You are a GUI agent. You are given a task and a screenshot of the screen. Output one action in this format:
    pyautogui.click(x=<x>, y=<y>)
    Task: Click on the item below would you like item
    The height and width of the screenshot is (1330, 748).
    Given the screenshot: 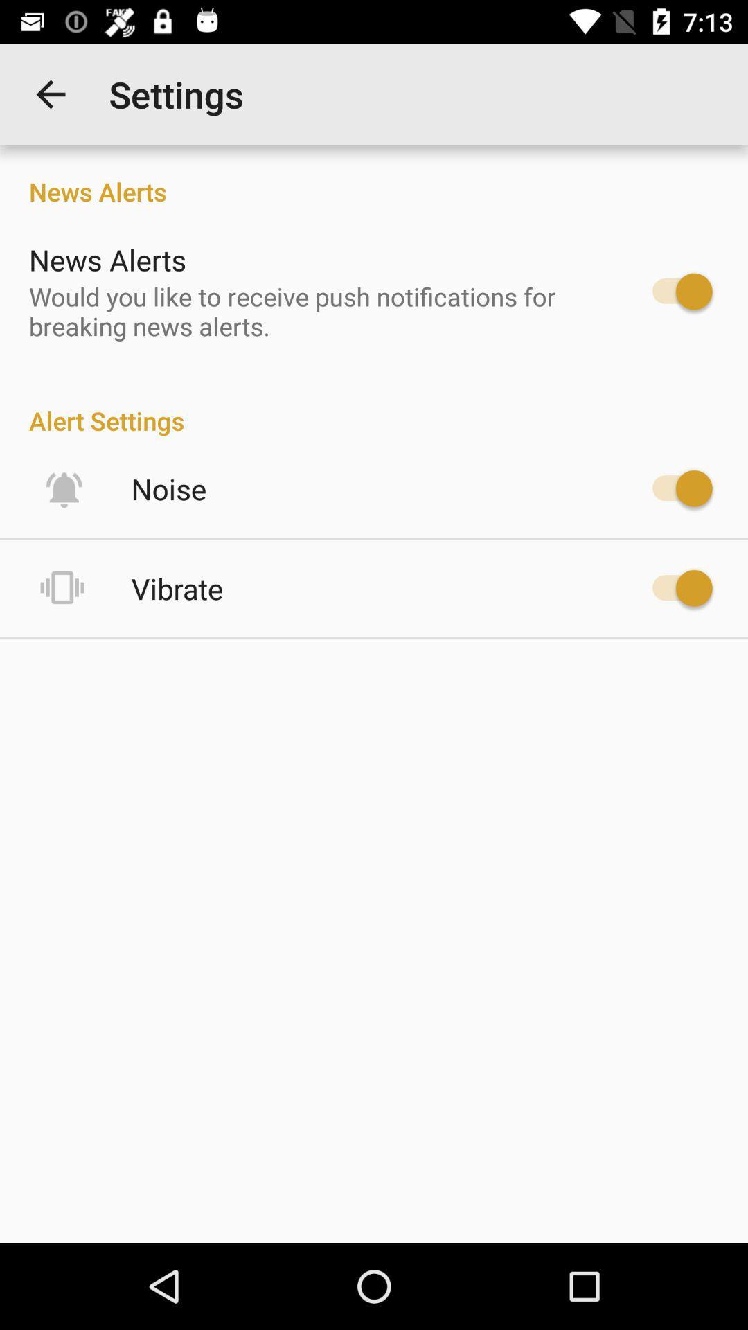 What is the action you would take?
    pyautogui.click(x=374, y=405)
    